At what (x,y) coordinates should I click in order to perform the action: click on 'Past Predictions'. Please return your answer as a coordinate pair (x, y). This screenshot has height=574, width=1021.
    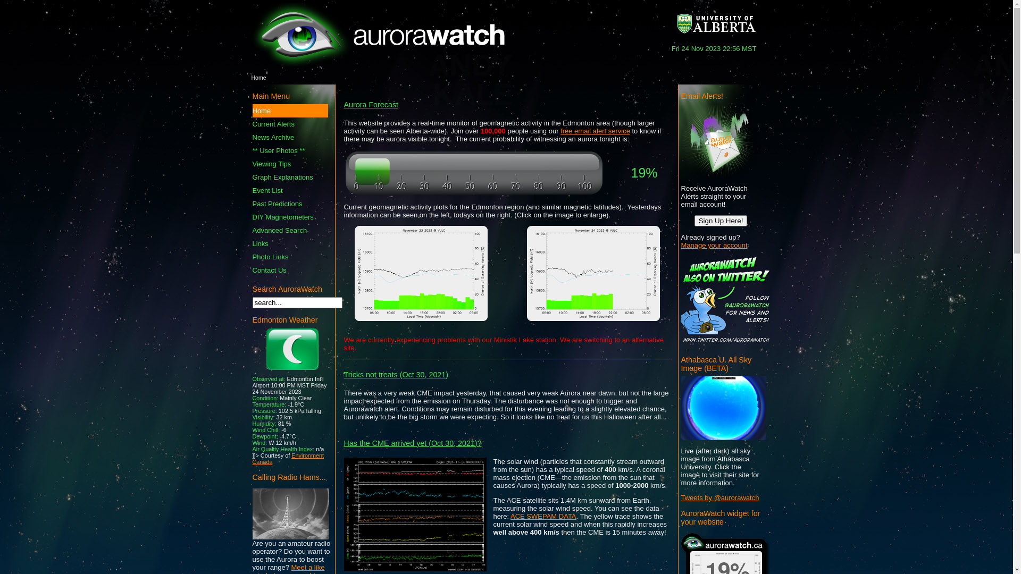
    Looking at the image, I should click on (290, 204).